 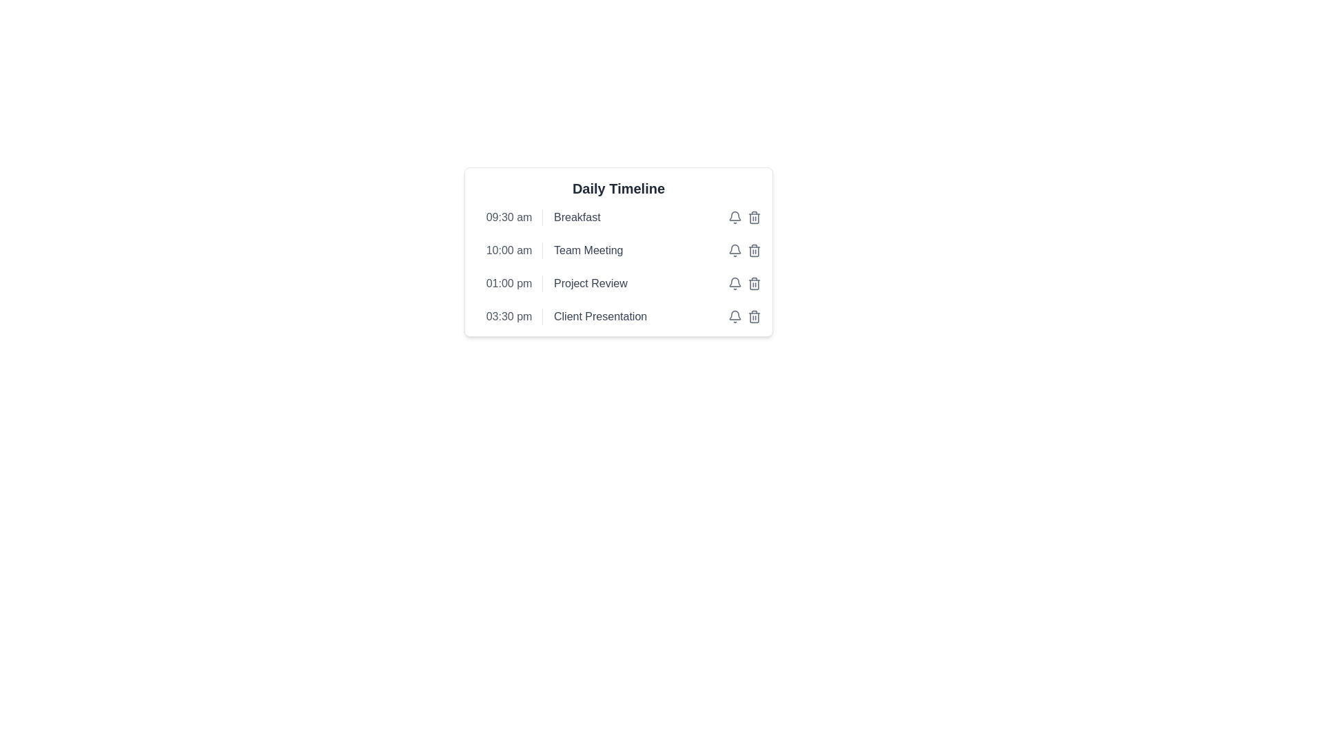 I want to click on the bell icon button used for managing notifications related to the 'Project Review' entry in the timeline, so click(x=734, y=283).